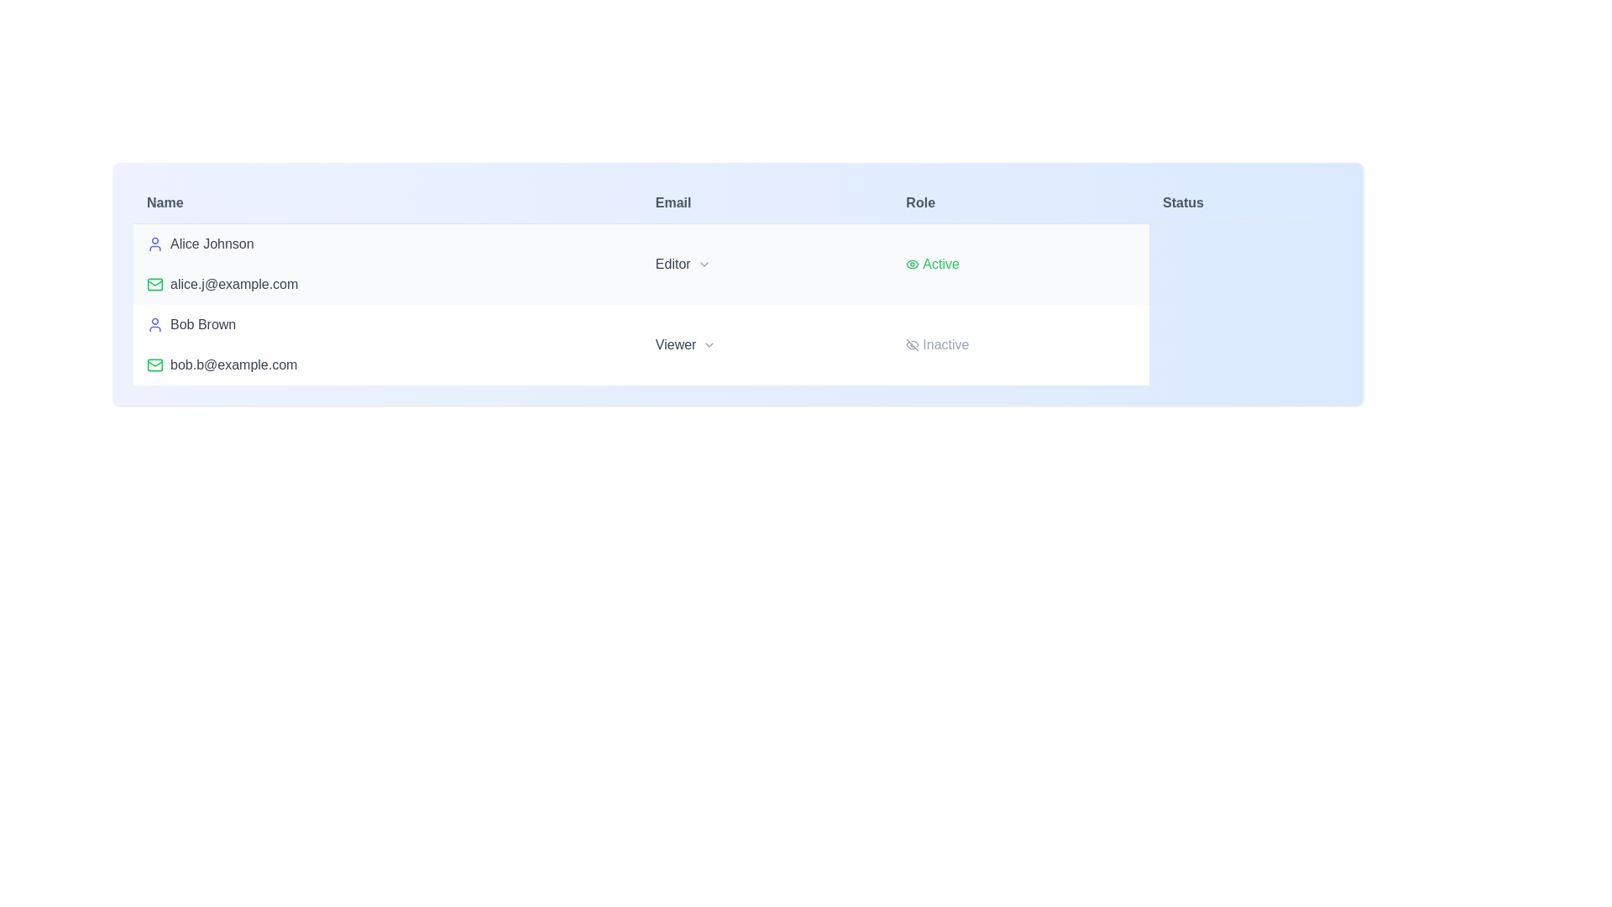 The height and width of the screenshot is (907, 1612). Describe the element at coordinates (1020, 344) in the screenshot. I see `the status indicator element in the second row of the table that shows 'Inactive'` at that location.